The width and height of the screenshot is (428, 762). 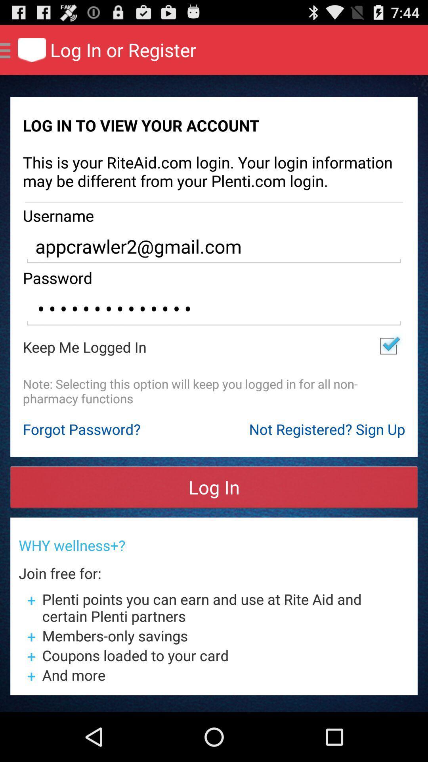 What do you see at coordinates (136, 429) in the screenshot?
I see `the icon above log in icon` at bounding box center [136, 429].